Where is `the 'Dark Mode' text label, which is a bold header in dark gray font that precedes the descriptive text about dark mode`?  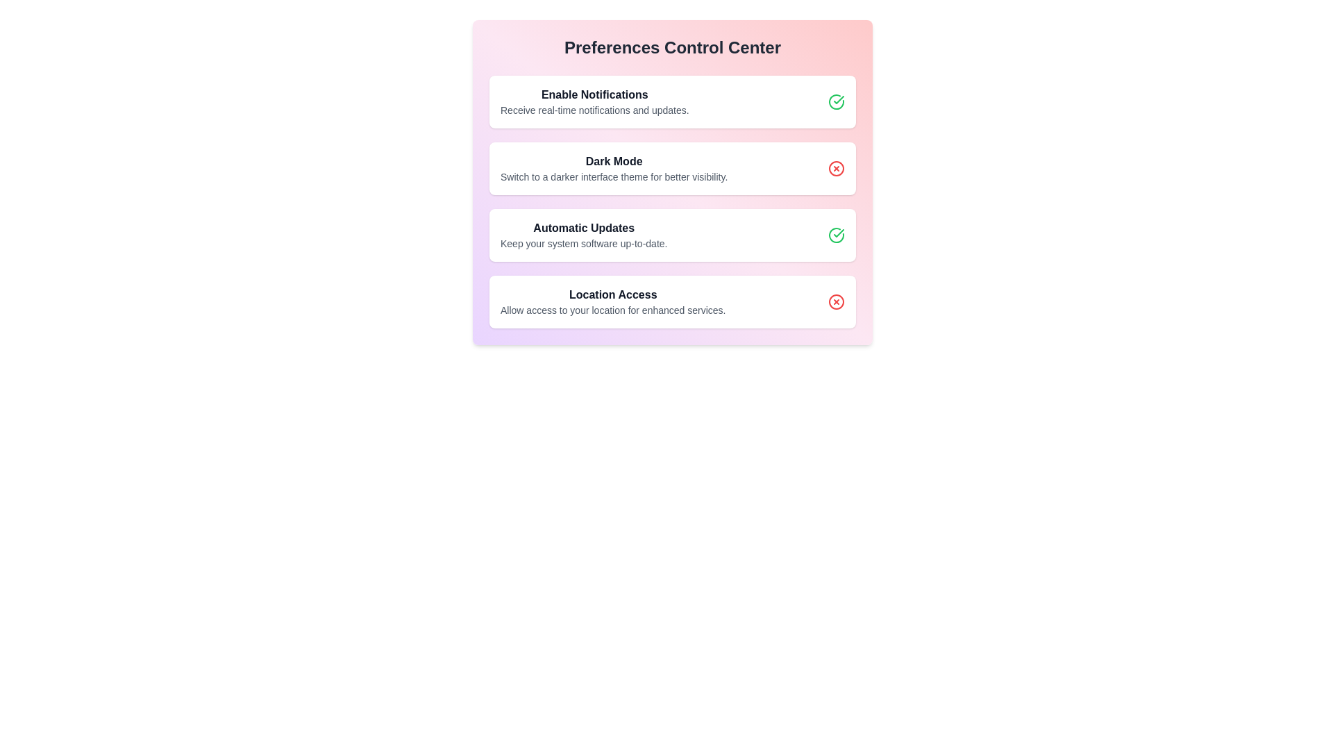 the 'Dark Mode' text label, which is a bold header in dark gray font that precedes the descriptive text about dark mode is located at coordinates (613, 160).